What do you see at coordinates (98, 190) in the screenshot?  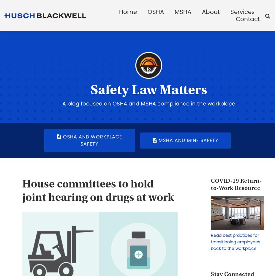 I see `'House committees to hold joint hearing on drugs at work'` at bounding box center [98, 190].